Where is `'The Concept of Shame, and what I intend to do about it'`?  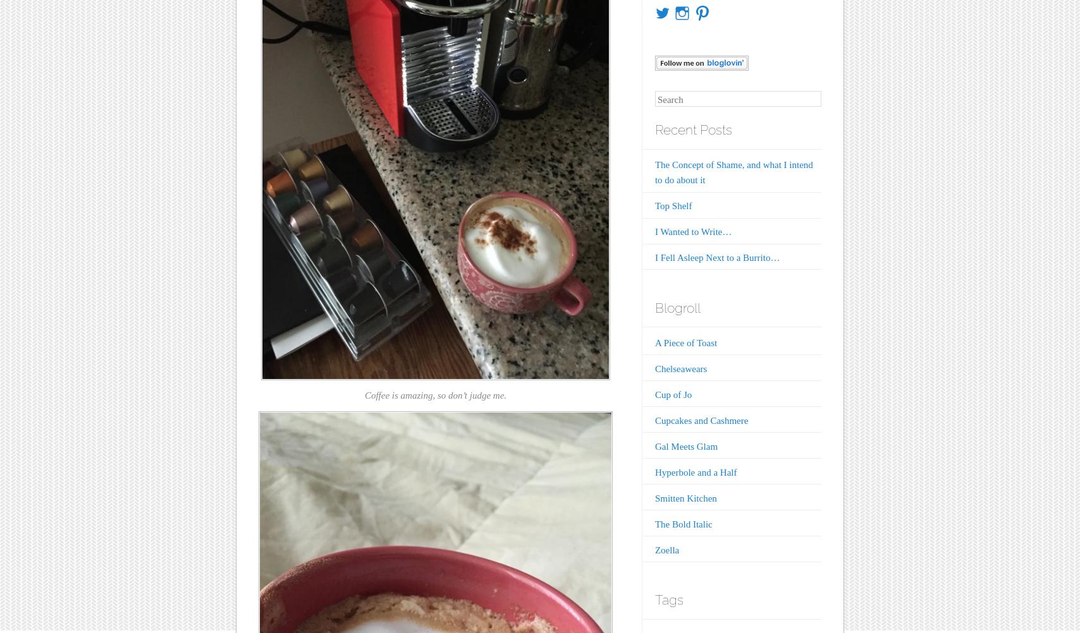
'The Concept of Shame, and what I intend to do about it' is located at coordinates (733, 172).